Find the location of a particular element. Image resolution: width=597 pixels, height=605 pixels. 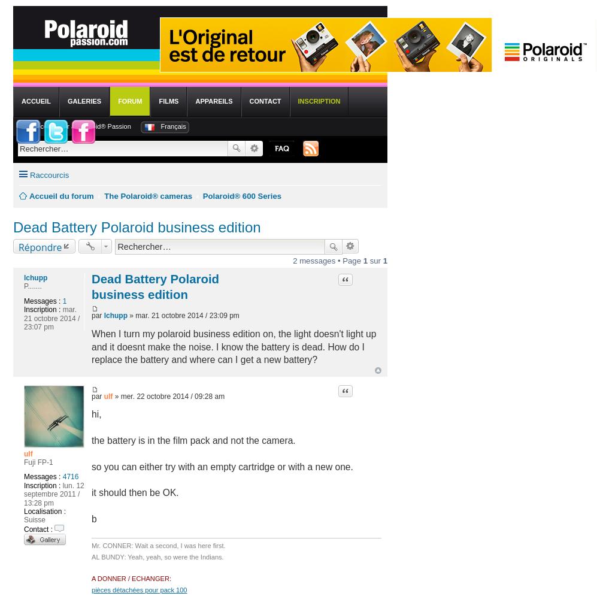

'b' is located at coordinates (93, 518).